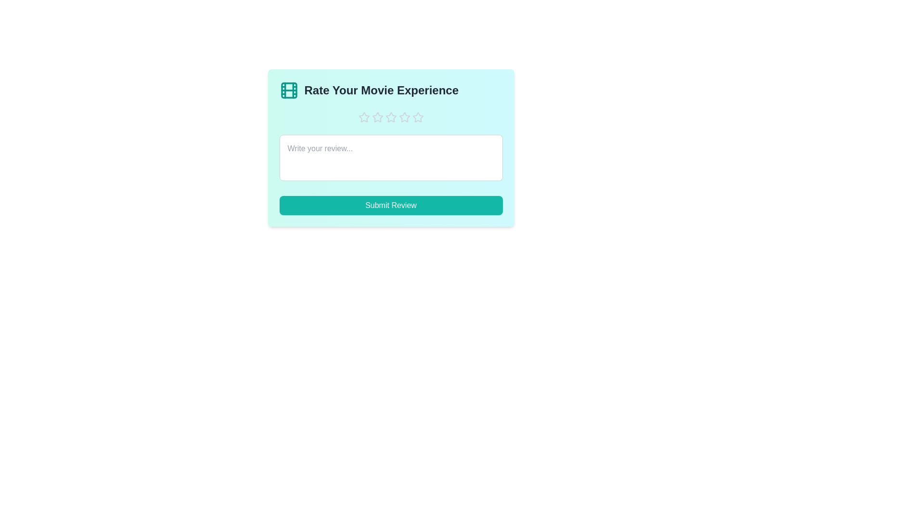 The width and height of the screenshot is (924, 520). Describe the element at coordinates (391, 117) in the screenshot. I see `the star corresponding to the rating 3 to set the movie experience rating` at that location.